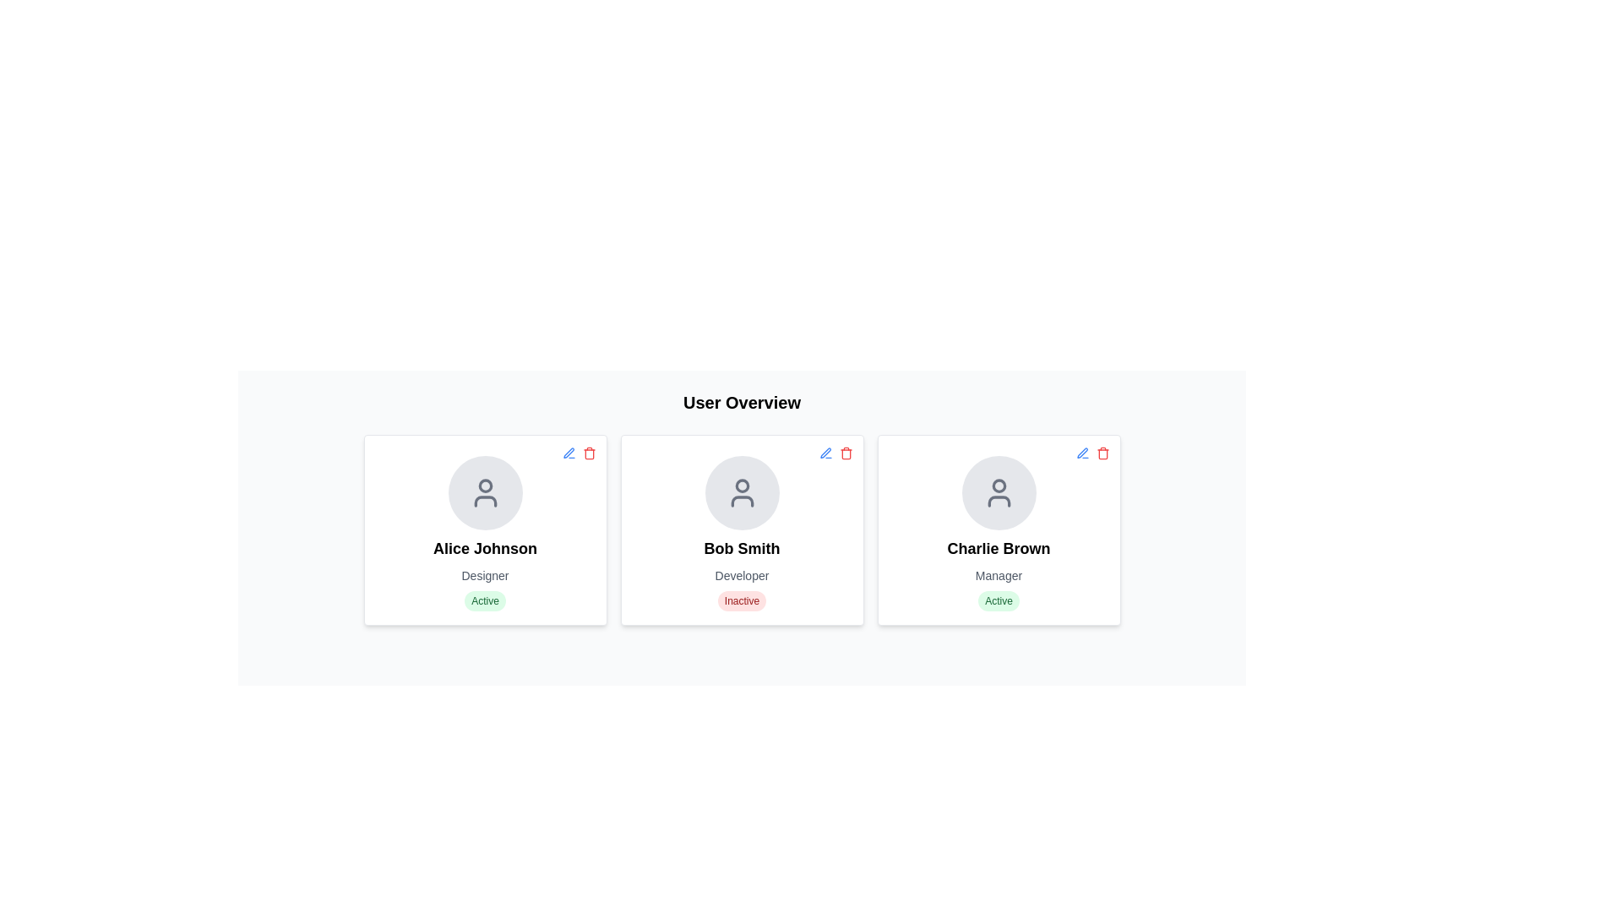 Image resolution: width=1622 pixels, height=912 pixels. Describe the element at coordinates (589, 452) in the screenshot. I see `the red trash icon located in the top right corner of the card labeled 'Alice Johnson'` at that location.